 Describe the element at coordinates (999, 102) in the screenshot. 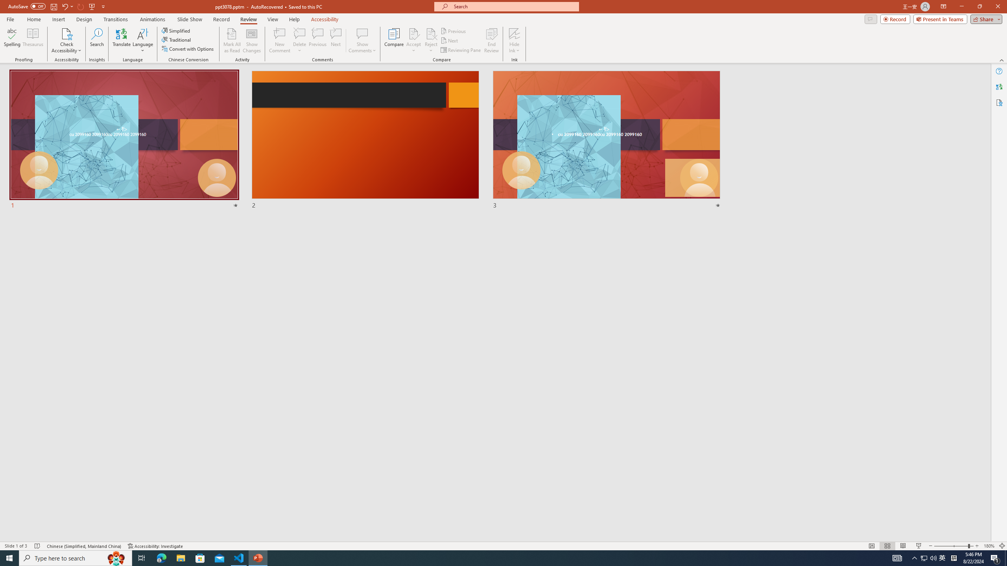

I see `'Accessibility'` at that location.